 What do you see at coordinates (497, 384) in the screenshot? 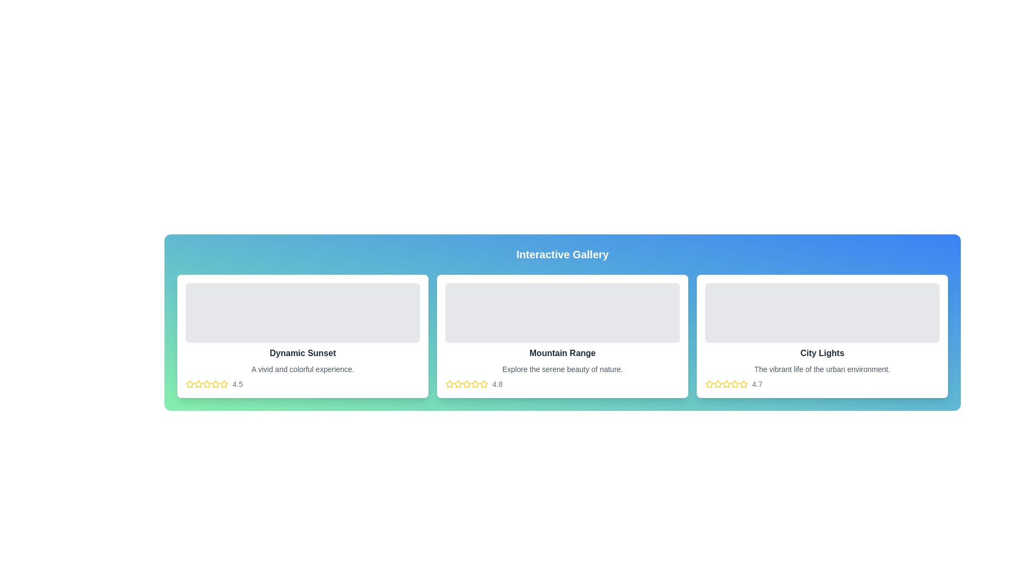
I see `the Text Label that displays the numerical rating for the 'Mountain Range' item, located below the 'Mountain Range' section and to the right of the row of golden stars` at bounding box center [497, 384].